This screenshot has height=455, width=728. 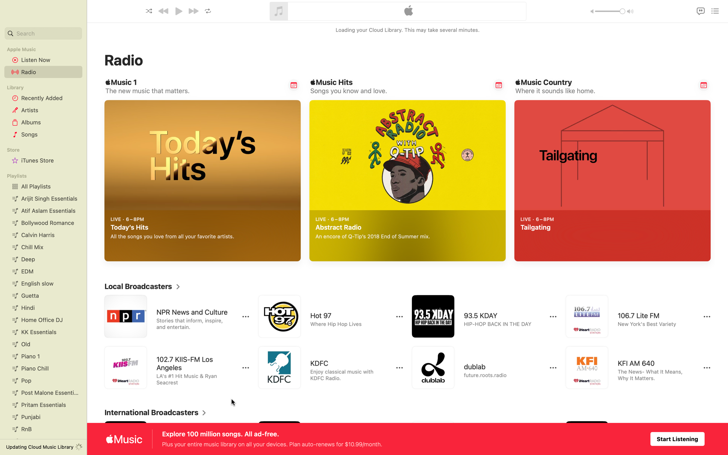 What do you see at coordinates (155, 413) in the screenshot?
I see `Show entire directory of global radio stations` at bounding box center [155, 413].